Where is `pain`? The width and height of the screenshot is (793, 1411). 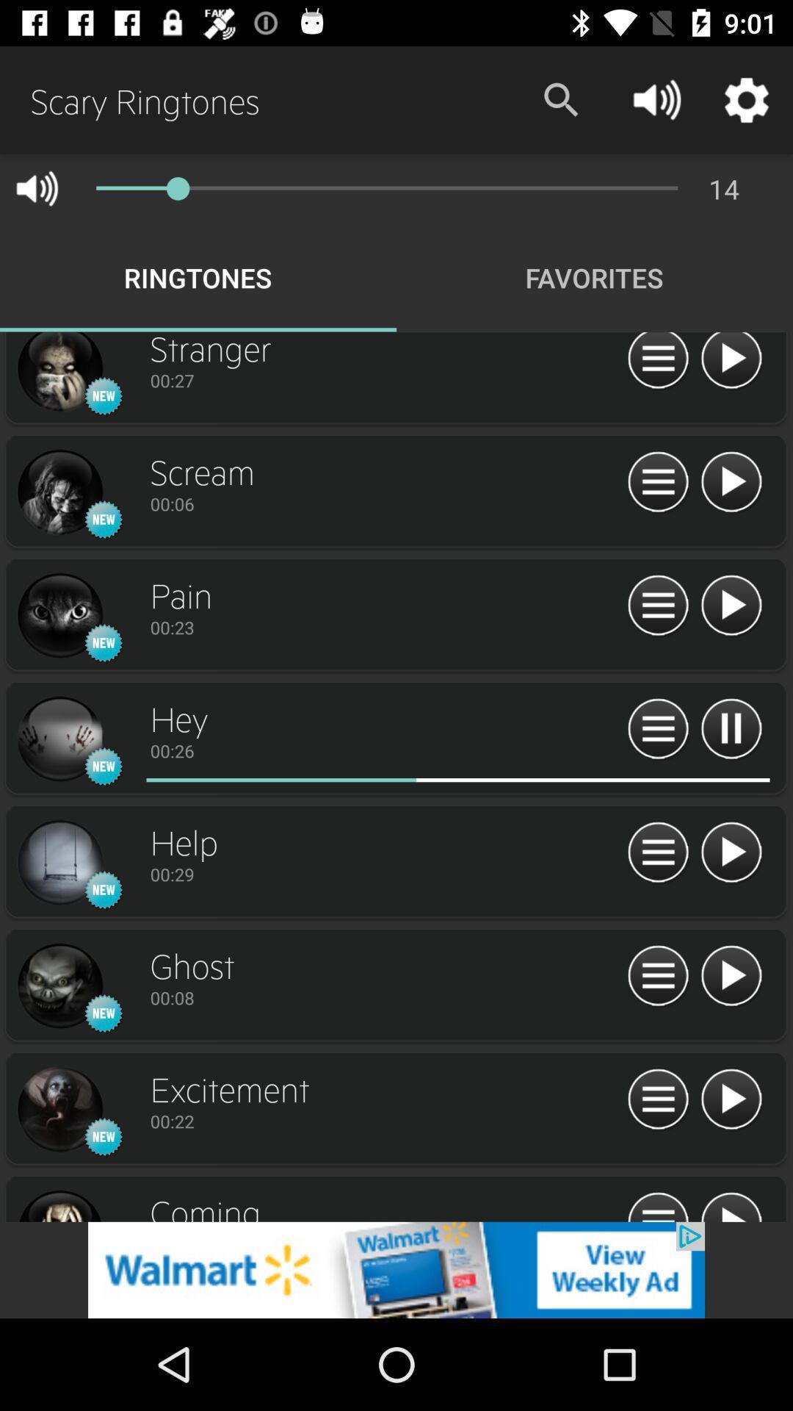 pain is located at coordinates (59, 616).